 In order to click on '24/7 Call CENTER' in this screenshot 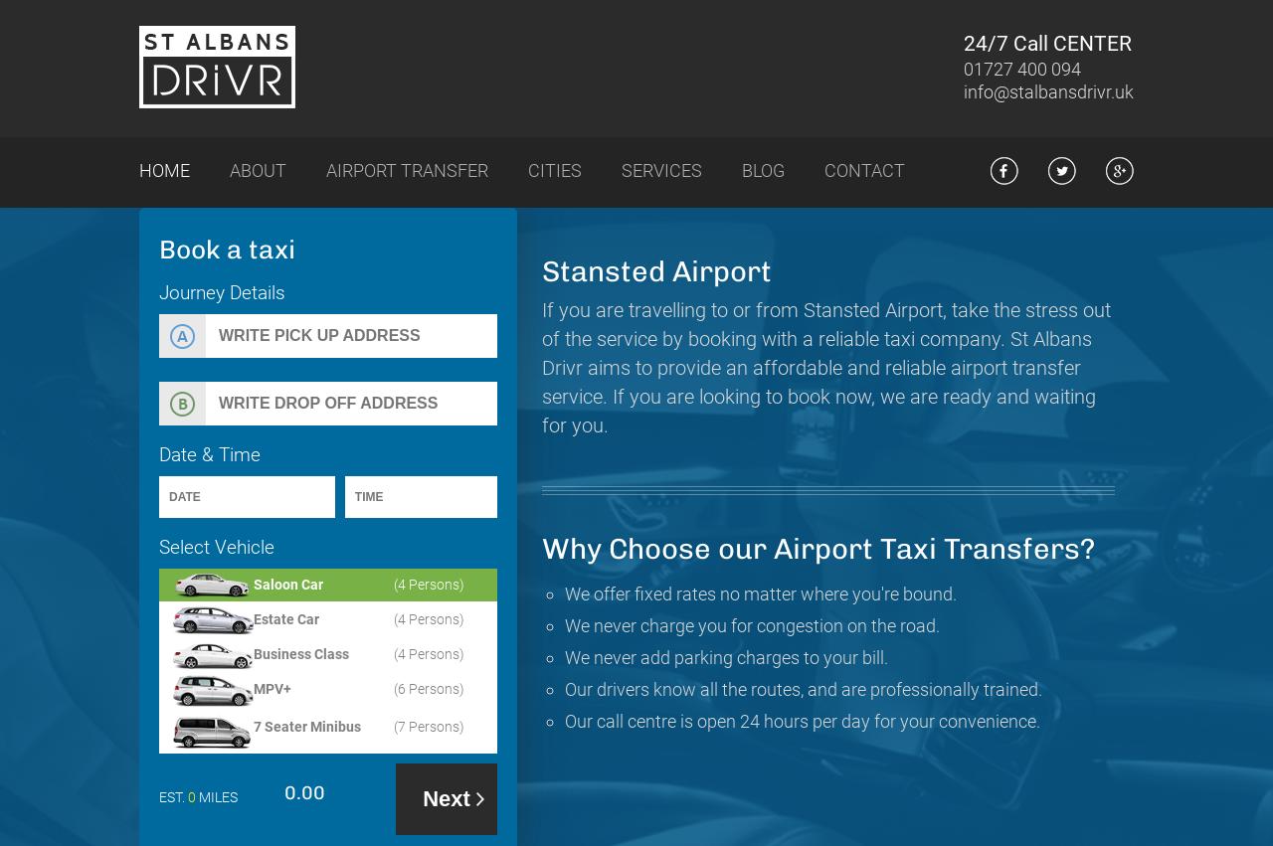, I will do `click(1046, 43)`.